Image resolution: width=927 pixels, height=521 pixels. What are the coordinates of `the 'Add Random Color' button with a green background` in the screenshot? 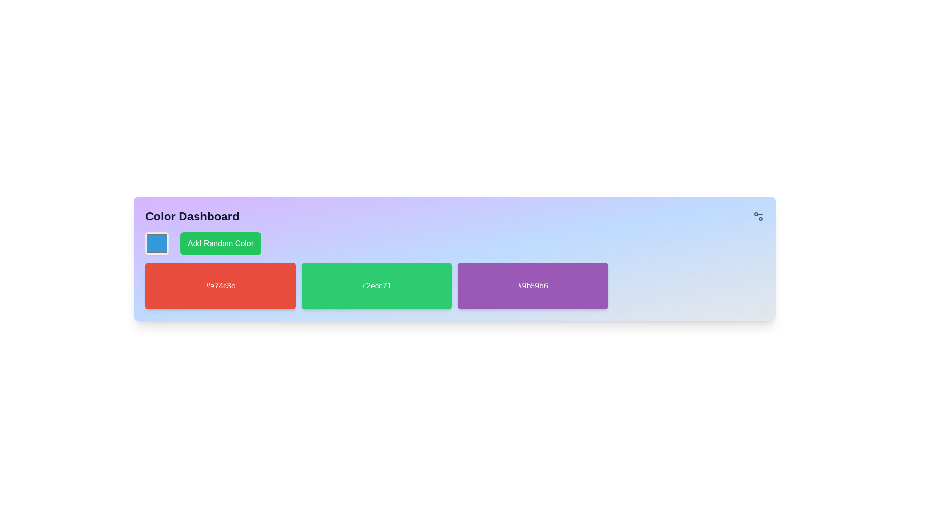 It's located at (220, 243).